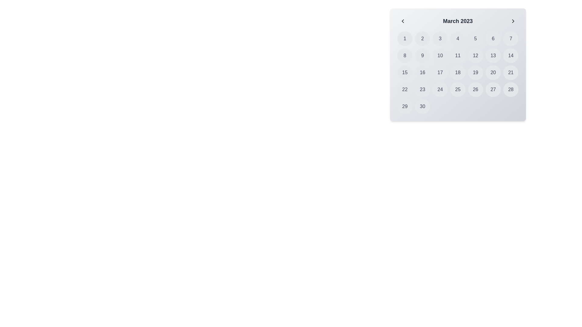 The image size is (582, 327). What do you see at coordinates (510, 72) in the screenshot?
I see `the circular button labeled '21' located in the fourth row and seventh column of the calendar grid` at bounding box center [510, 72].